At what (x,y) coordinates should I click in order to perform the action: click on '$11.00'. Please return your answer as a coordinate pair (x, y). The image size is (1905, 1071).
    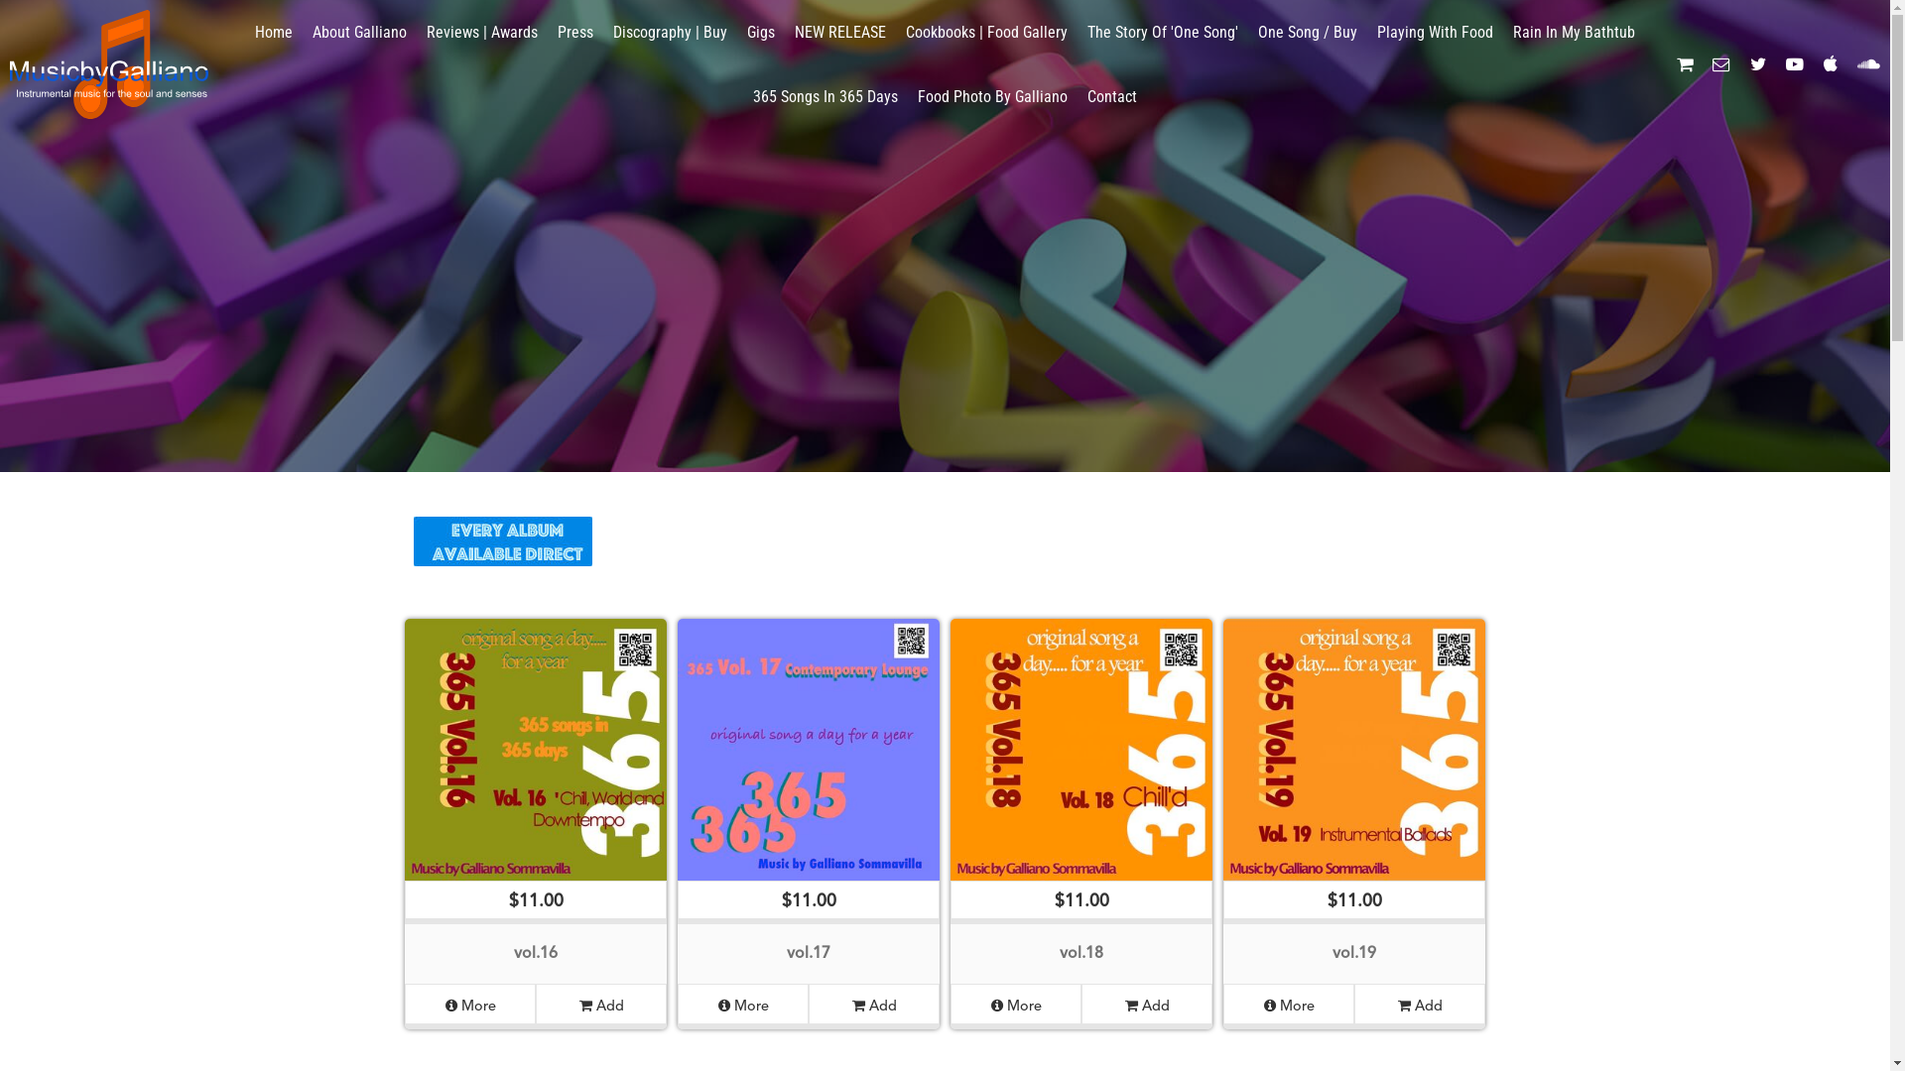
    Looking at the image, I should click on (1079, 771).